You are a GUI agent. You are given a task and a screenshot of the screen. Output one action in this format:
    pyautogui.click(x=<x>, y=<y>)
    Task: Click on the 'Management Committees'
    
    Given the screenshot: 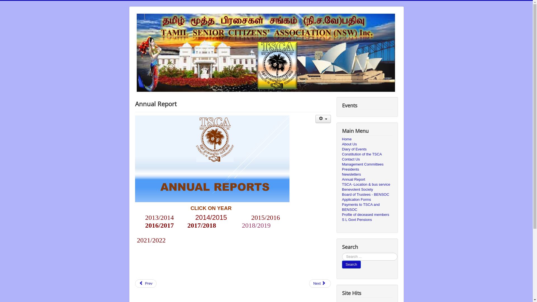 What is the action you would take?
    pyautogui.click(x=341, y=164)
    